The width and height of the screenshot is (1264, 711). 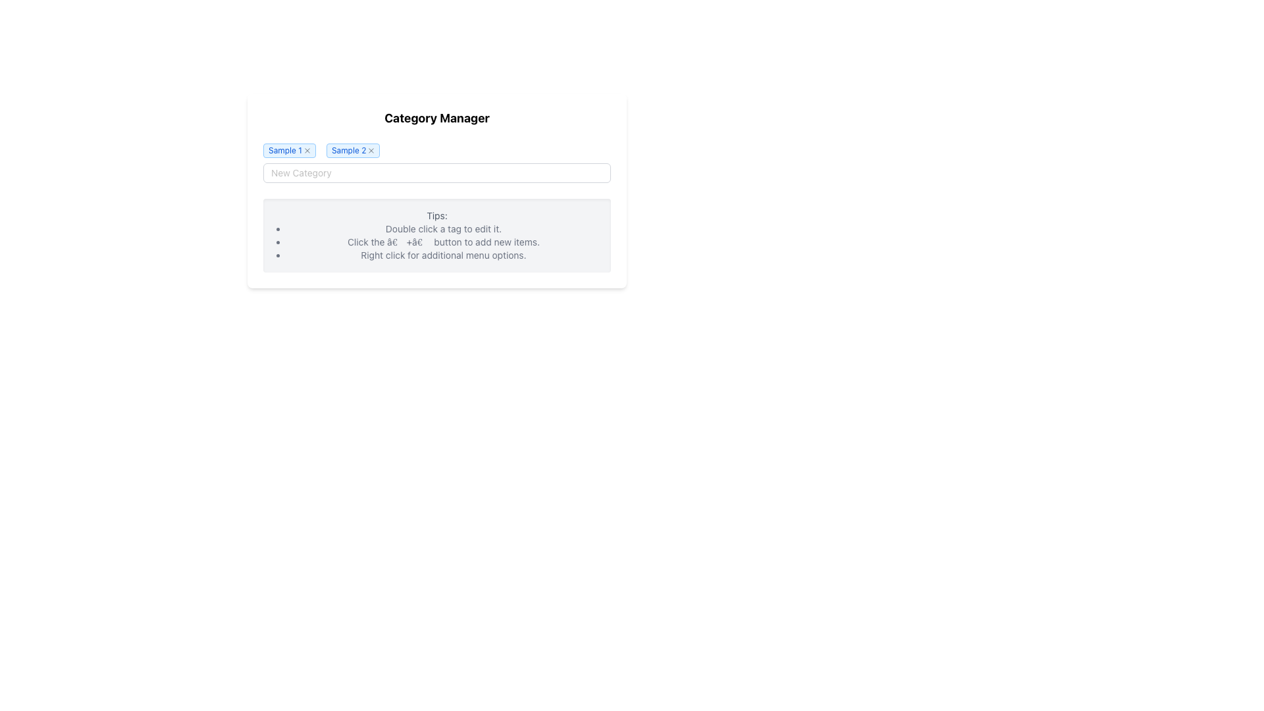 I want to click on the 'X' icon on the blue tag labeled 'Sample 1', so click(x=288, y=149).